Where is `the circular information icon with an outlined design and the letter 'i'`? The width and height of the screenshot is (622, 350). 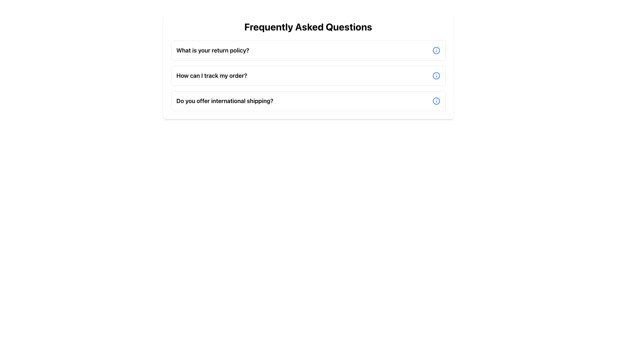 the circular information icon with an outlined design and the letter 'i' is located at coordinates (436, 50).